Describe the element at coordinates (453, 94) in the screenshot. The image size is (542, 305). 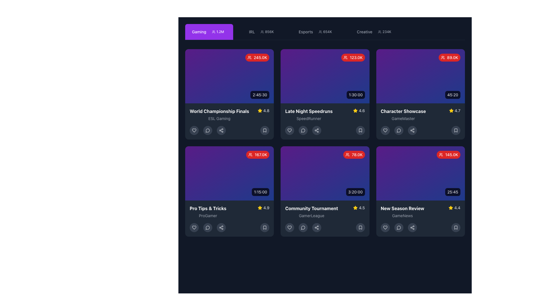
I see `the displayed duration on the rectangular time label with a black background and white text showing '45:20', located at the bottom-right corner of the 'Character Showcase' card` at that location.